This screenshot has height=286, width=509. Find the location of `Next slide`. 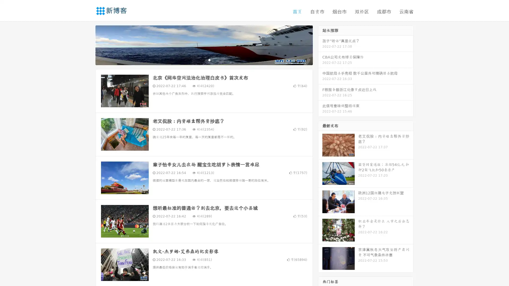

Next slide is located at coordinates (320, 44).